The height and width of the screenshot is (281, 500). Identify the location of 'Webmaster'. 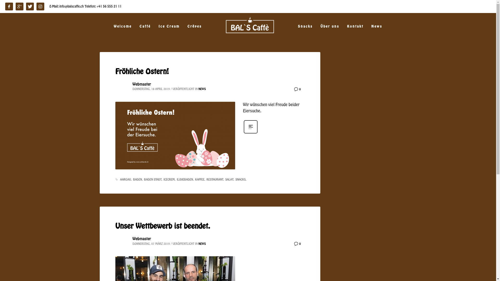
(141, 239).